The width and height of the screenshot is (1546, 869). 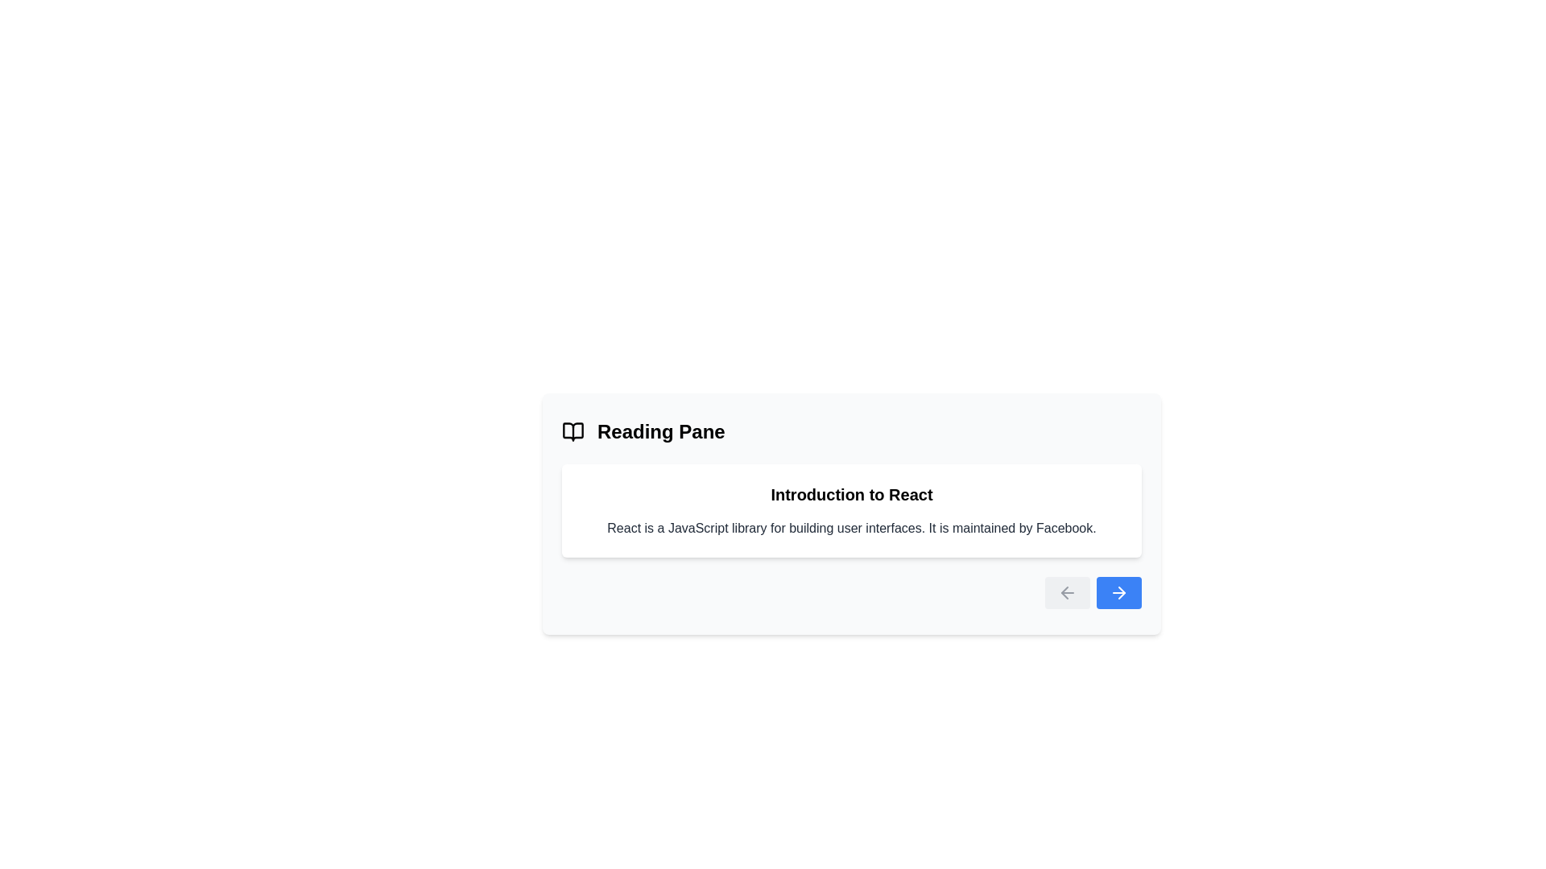 What do you see at coordinates (1121, 592) in the screenshot?
I see `the navigation icon located at the bottom-right corner of the interface, which signifies a forward action, to trigger a tooltip if applicable` at bounding box center [1121, 592].